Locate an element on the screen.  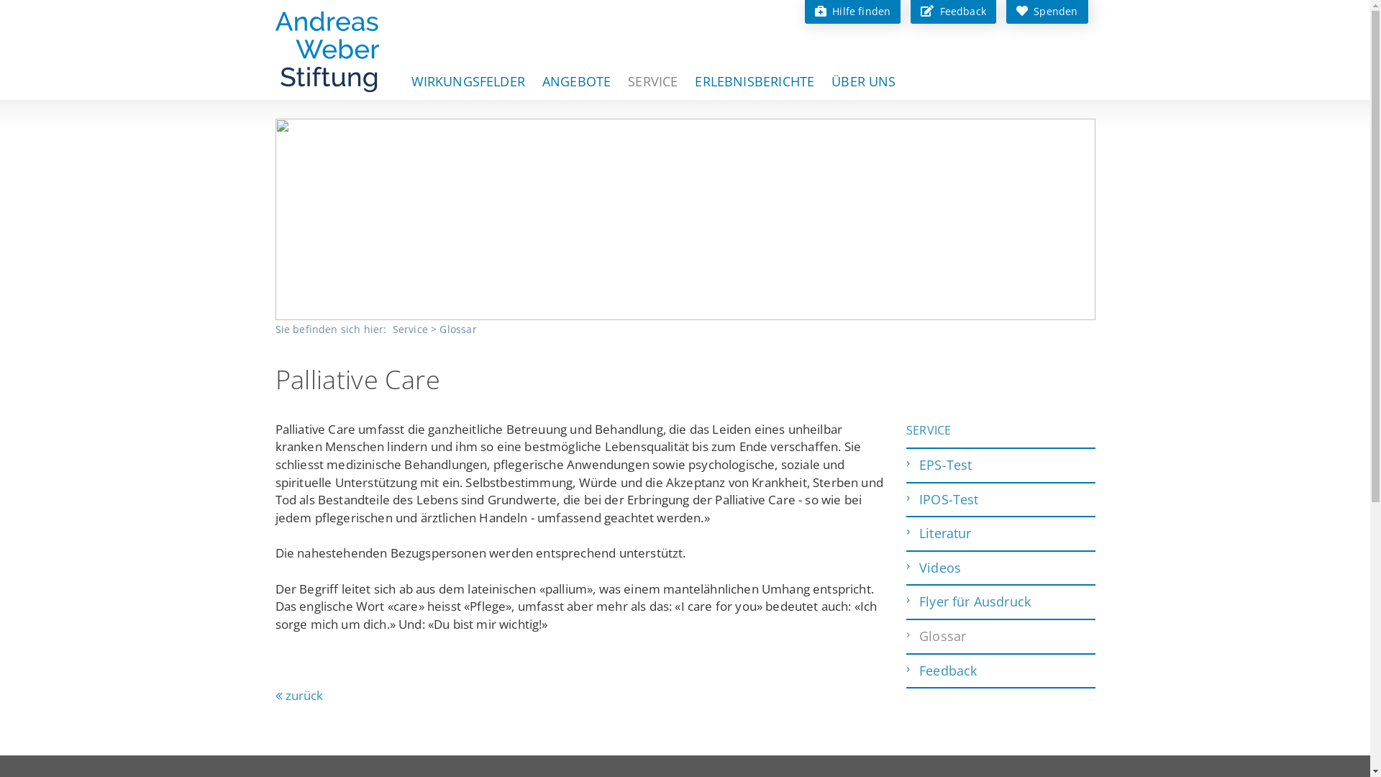
'WIRKUNGSFELDER' is located at coordinates (468, 81).